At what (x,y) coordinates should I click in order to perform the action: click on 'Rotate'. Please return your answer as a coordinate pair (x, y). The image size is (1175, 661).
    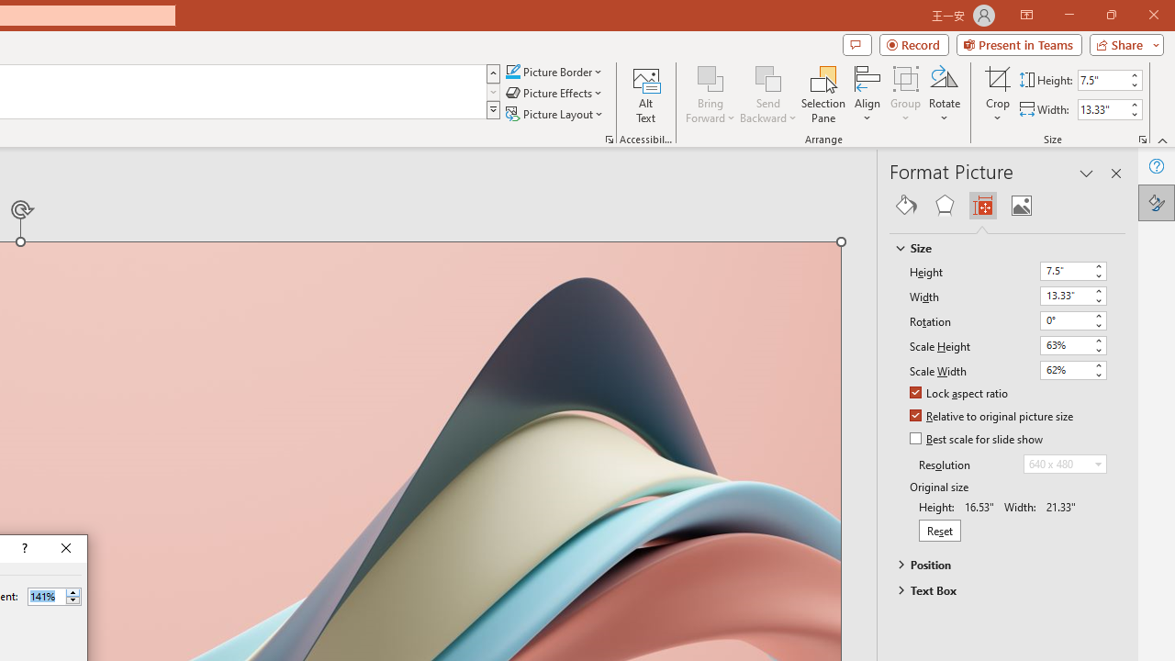
    Looking at the image, I should click on (945, 95).